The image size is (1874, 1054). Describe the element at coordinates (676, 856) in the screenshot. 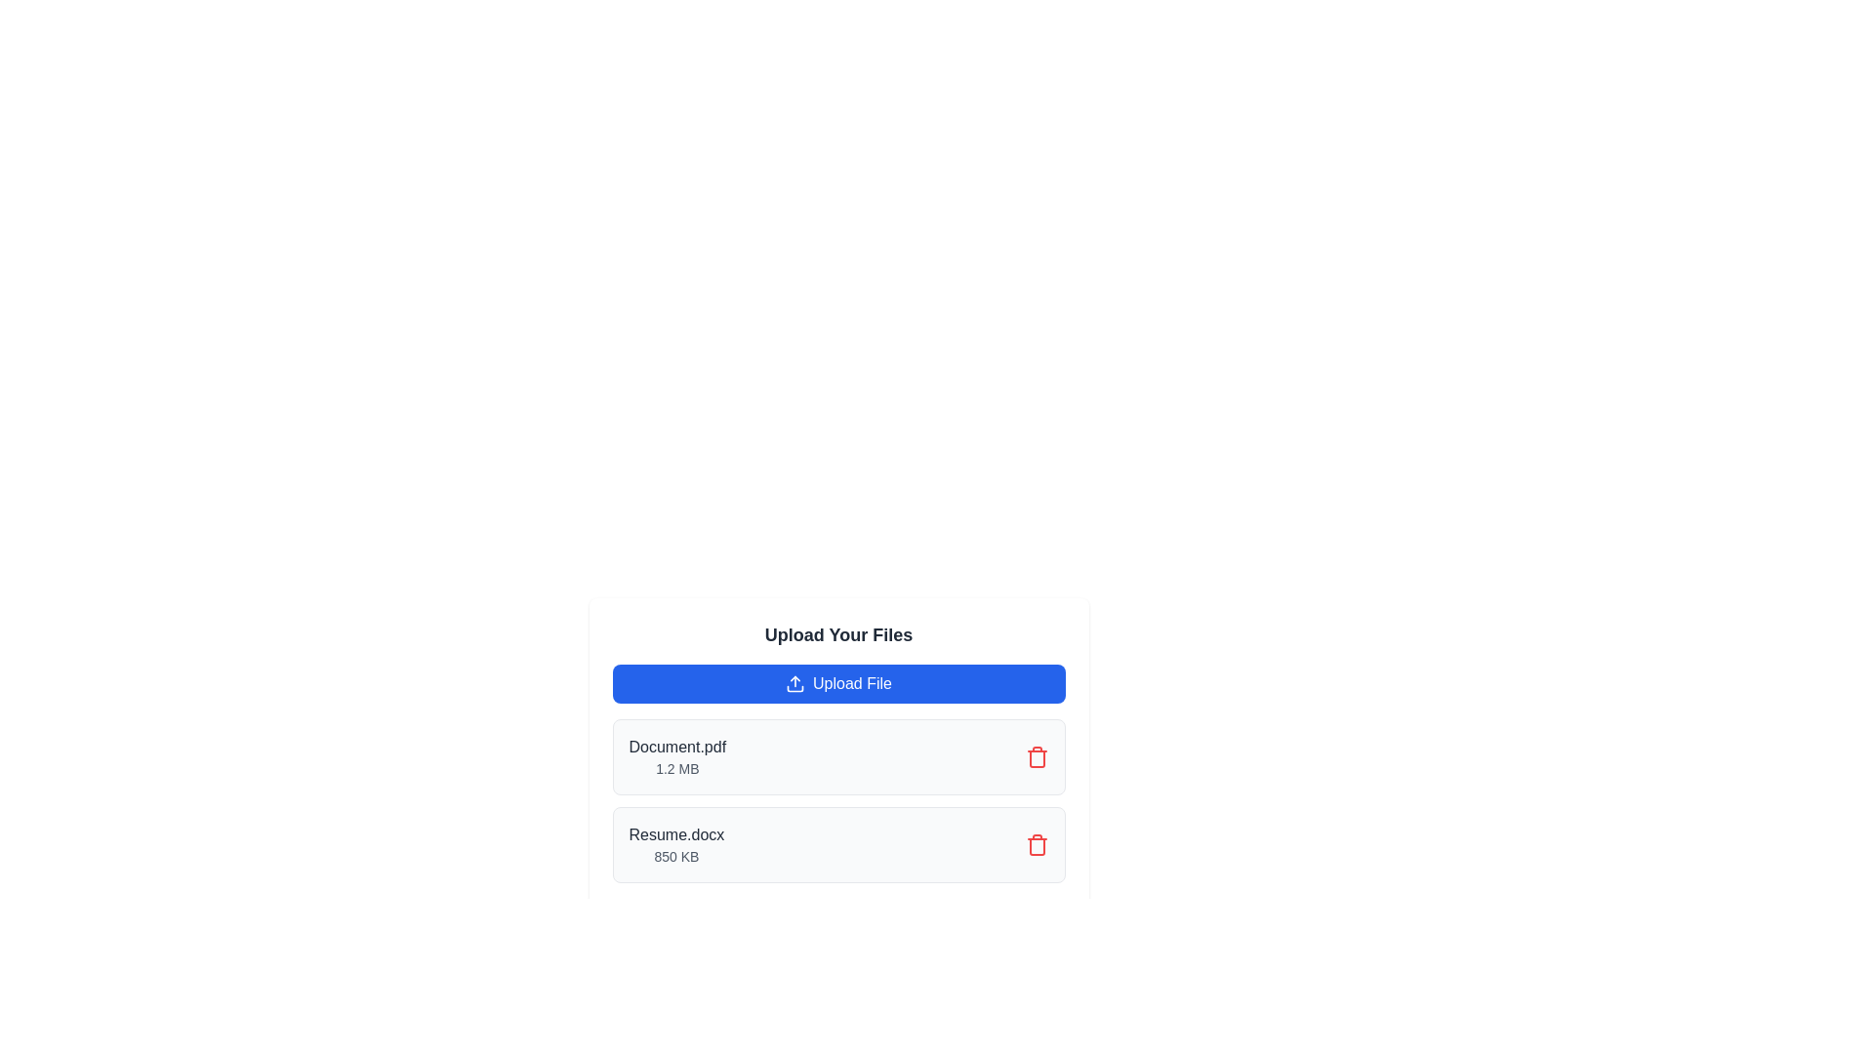

I see `file size displayed in the text label located directly below 'Resume.docx' in the file list interface` at that location.